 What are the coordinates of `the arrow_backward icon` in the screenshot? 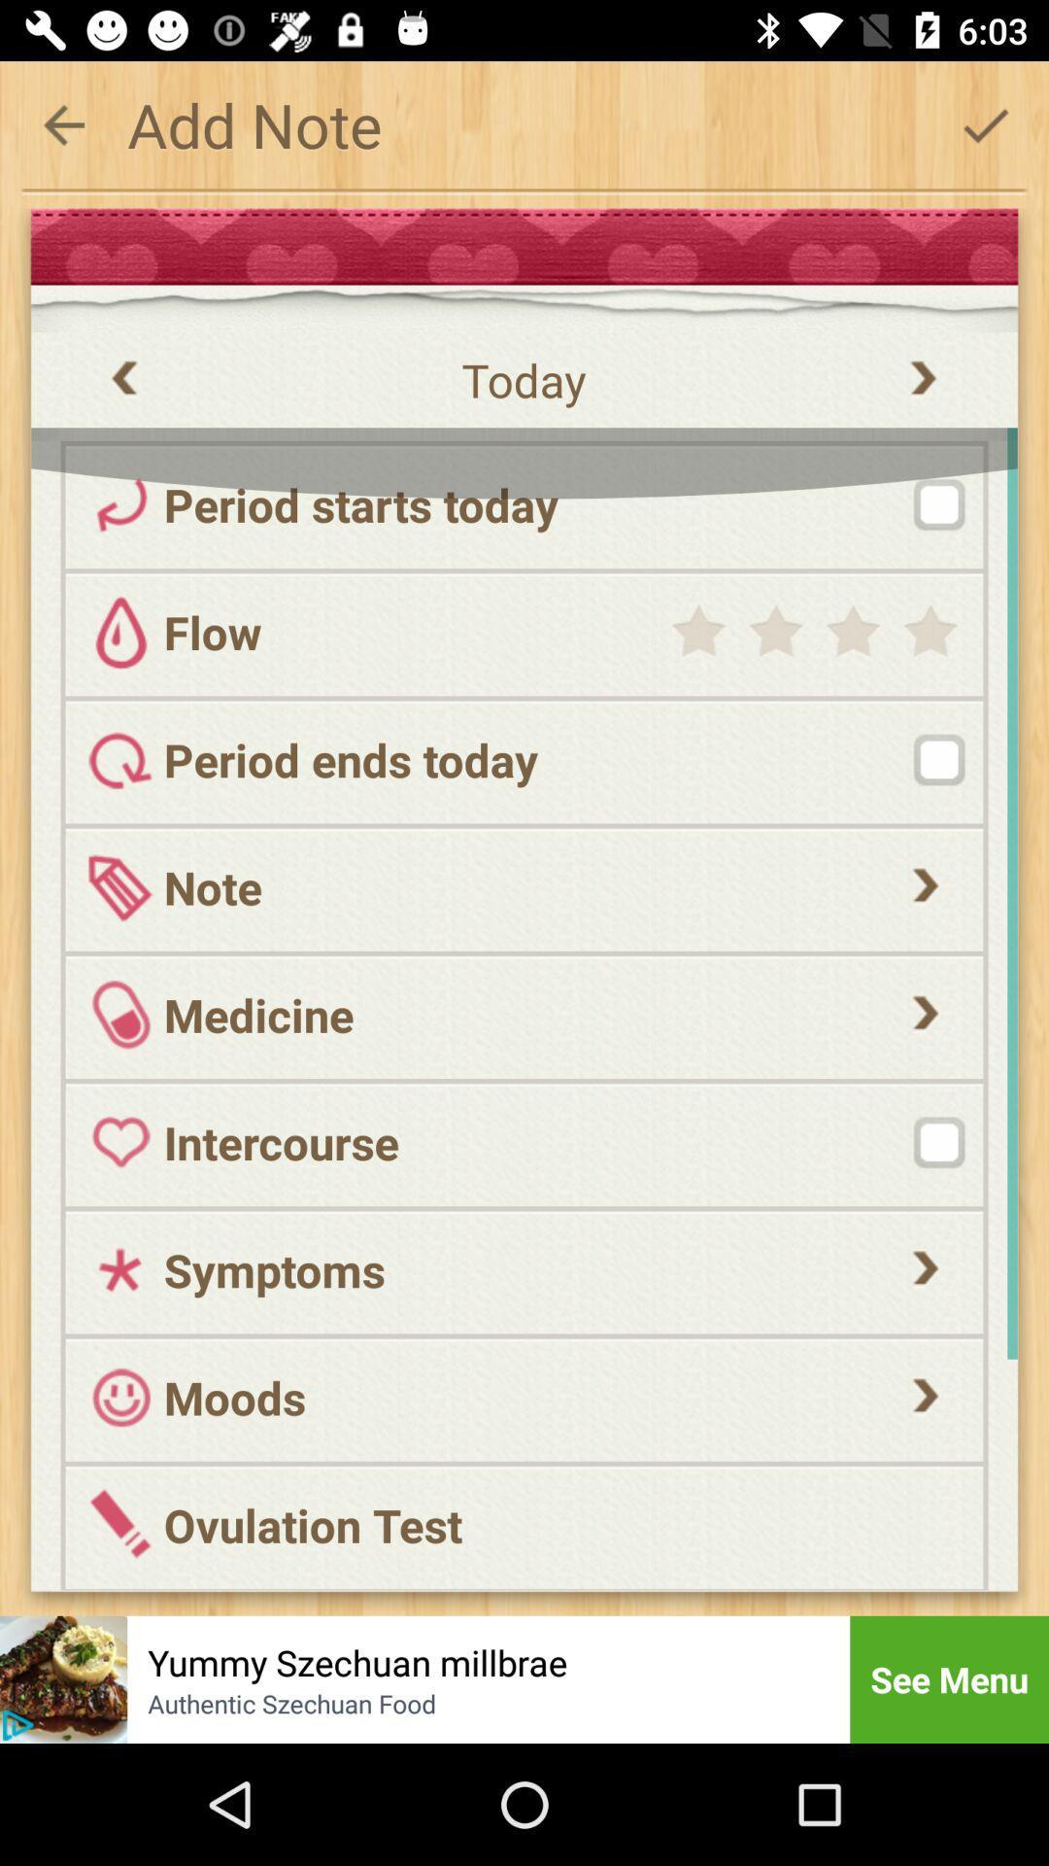 It's located at (62, 123).